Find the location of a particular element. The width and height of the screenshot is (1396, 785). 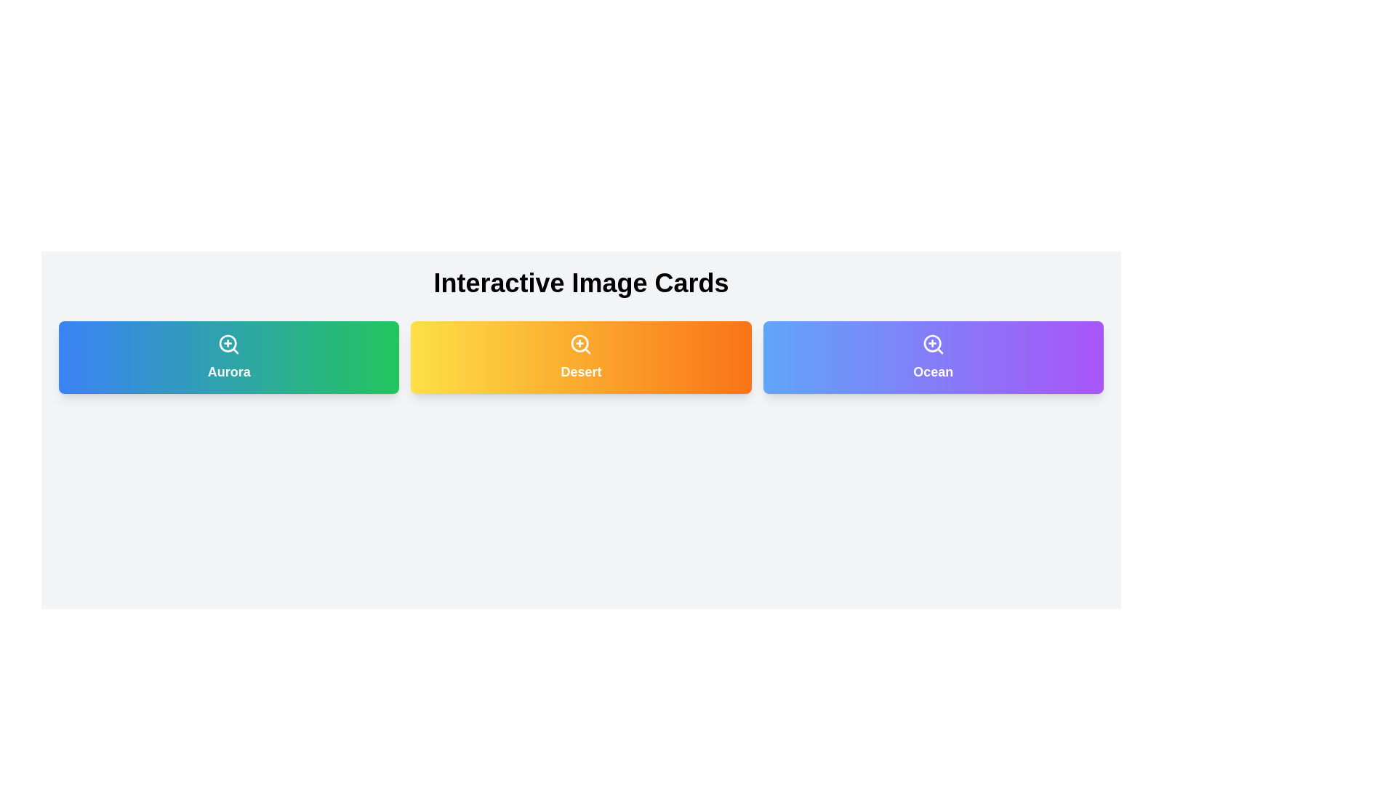

the 'Ocean' card is located at coordinates (933, 358).